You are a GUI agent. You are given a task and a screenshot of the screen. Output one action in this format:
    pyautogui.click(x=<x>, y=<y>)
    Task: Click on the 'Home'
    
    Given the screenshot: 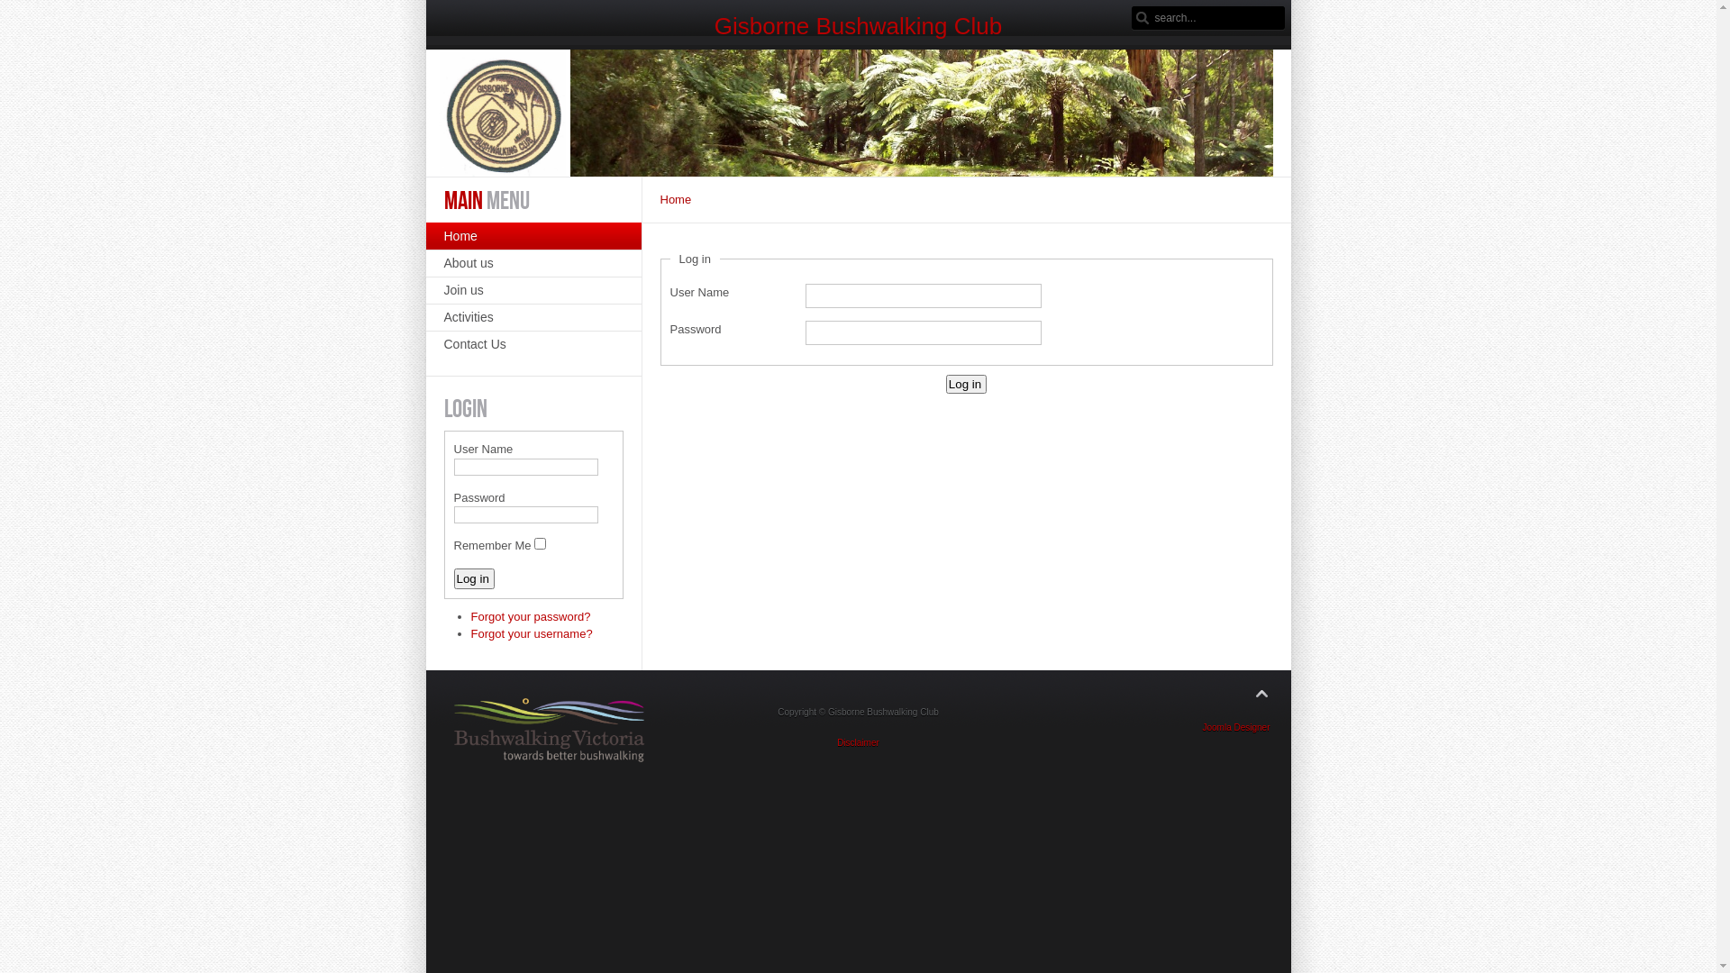 What is the action you would take?
    pyautogui.click(x=532, y=235)
    